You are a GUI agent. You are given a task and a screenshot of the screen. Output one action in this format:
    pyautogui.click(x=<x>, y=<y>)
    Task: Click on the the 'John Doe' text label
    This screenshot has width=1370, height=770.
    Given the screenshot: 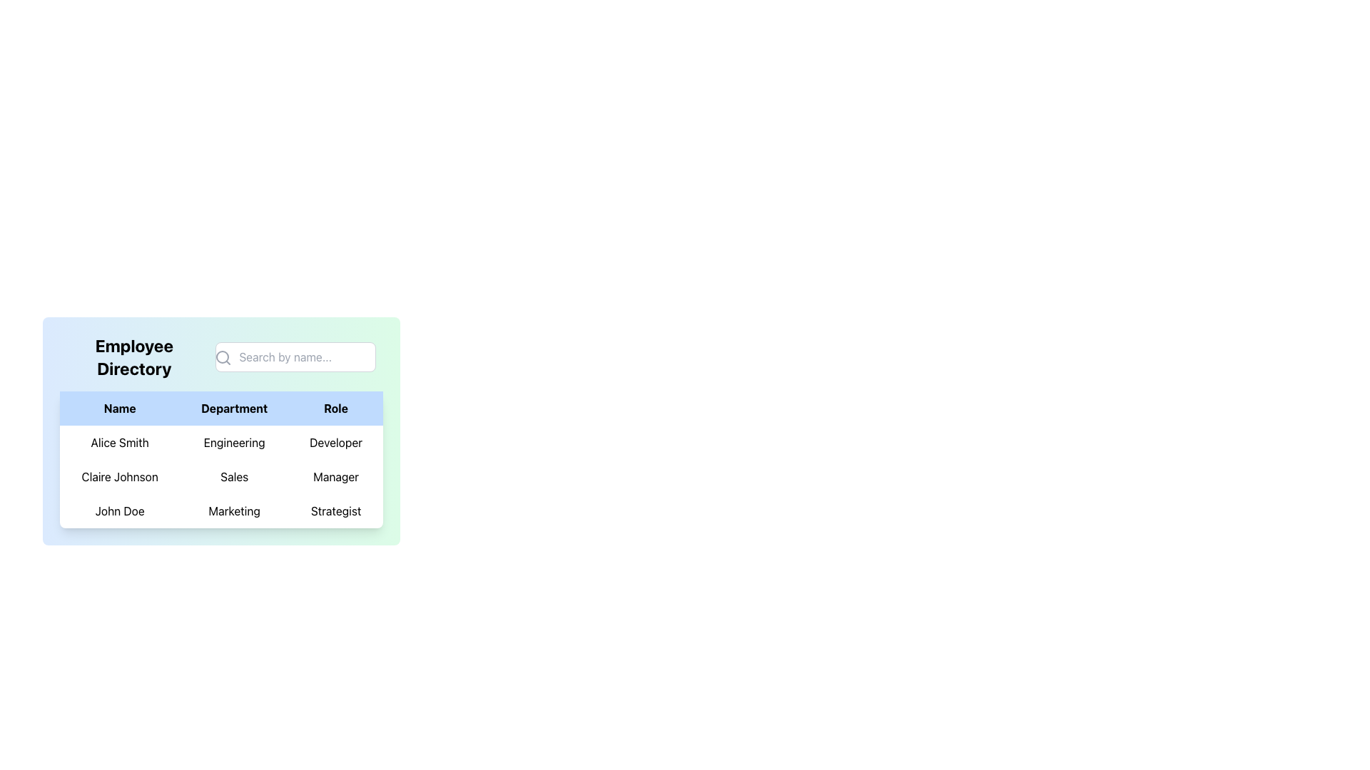 What is the action you would take?
    pyautogui.click(x=120, y=510)
    